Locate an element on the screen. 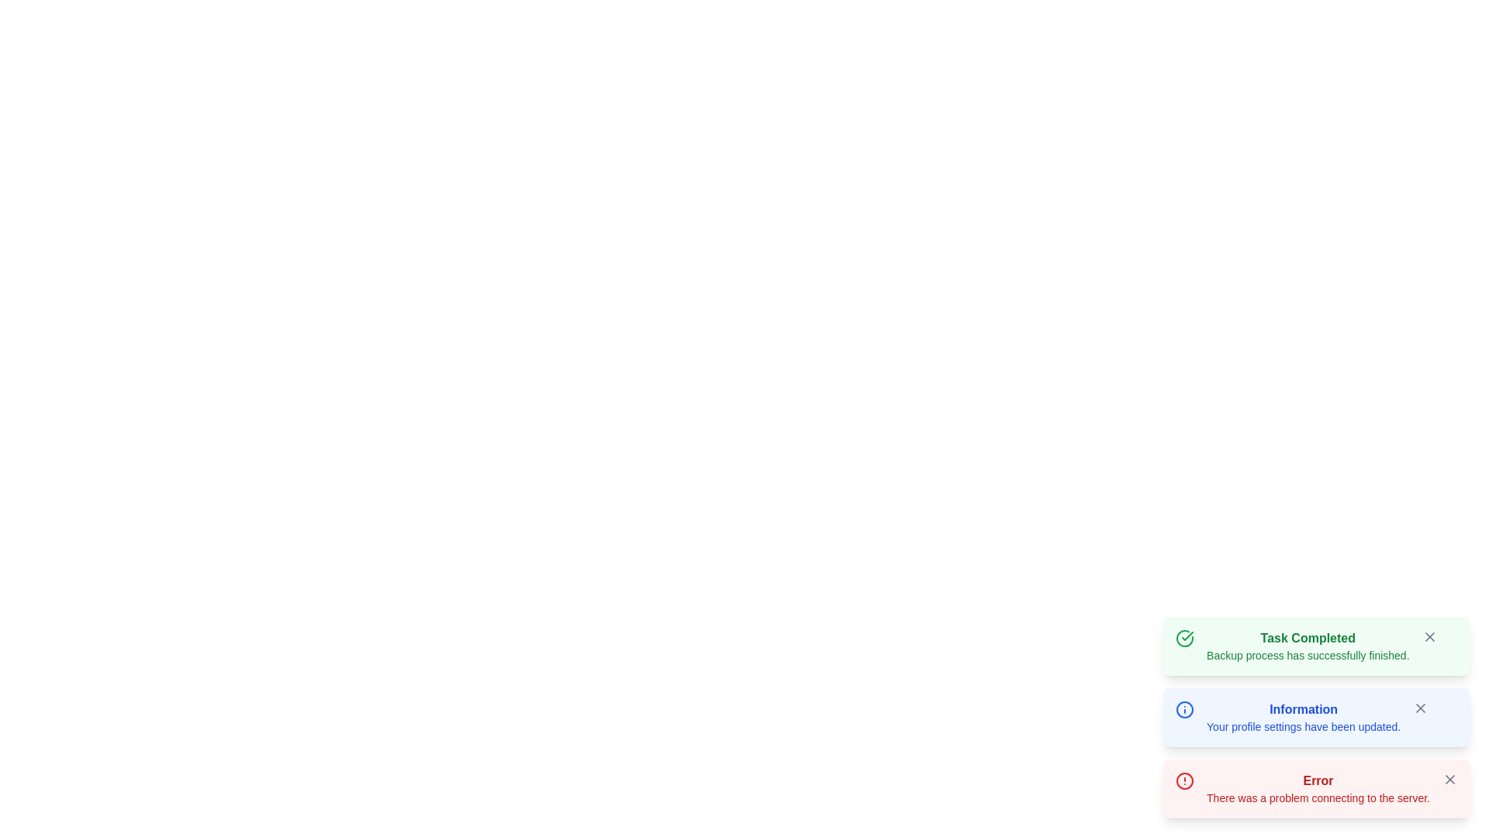  notification card indicating that a task has been successfully completed, located at the bottom-right of the interface is located at coordinates (1316, 646).